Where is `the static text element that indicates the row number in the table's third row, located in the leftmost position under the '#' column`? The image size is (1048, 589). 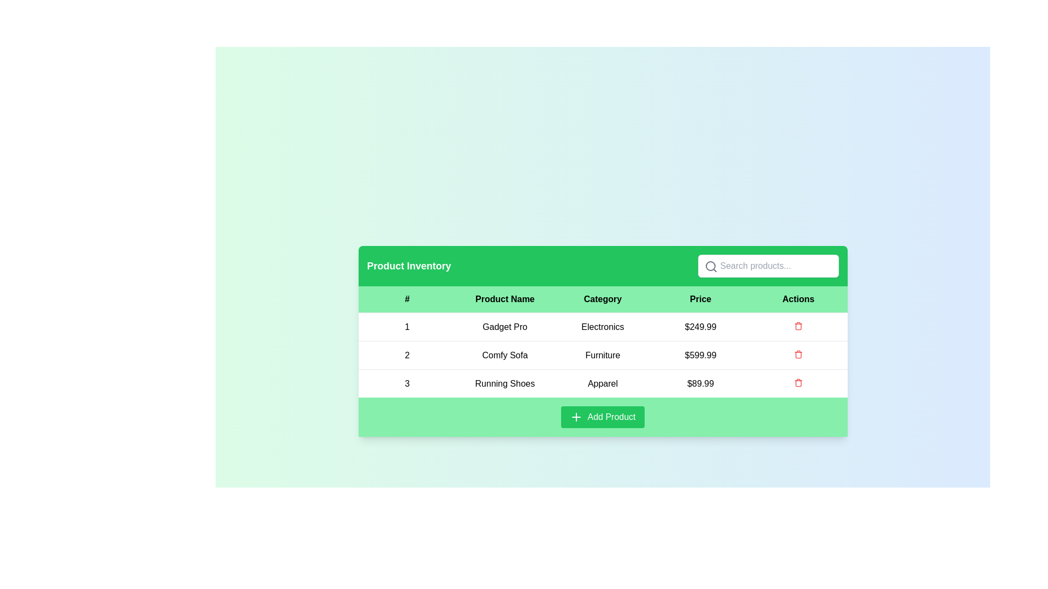 the static text element that indicates the row number in the table's third row, located in the leftmost position under the '#' column is located at coordinates (407, 383).